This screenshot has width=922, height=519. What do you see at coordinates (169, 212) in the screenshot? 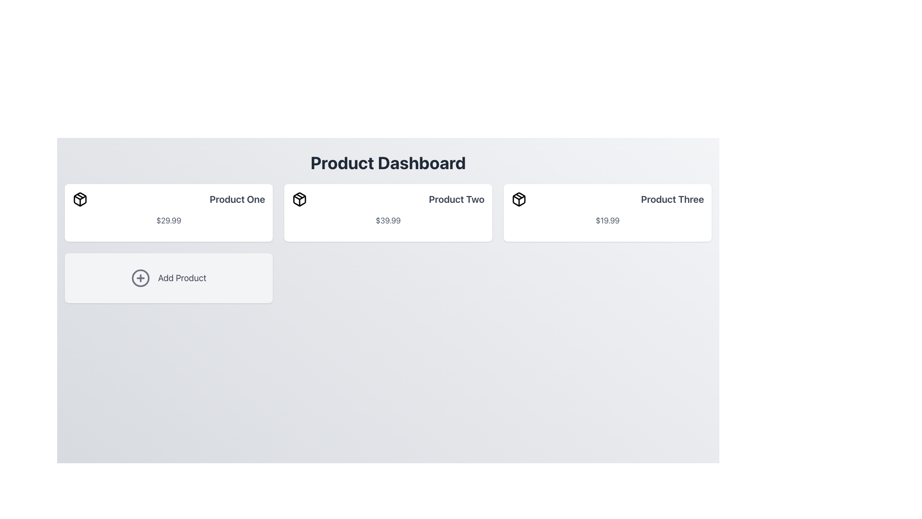
I see `on the clickable card for 'Product One' priced at $29.99` at bounding box center [169, 212].